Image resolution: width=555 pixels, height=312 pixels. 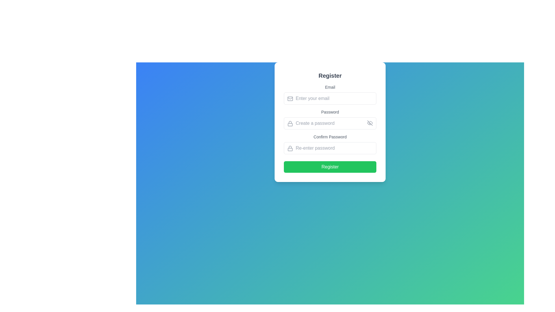 I want to click on the password confirmation field located in the center of the registration form, so click(x=330, y=144).